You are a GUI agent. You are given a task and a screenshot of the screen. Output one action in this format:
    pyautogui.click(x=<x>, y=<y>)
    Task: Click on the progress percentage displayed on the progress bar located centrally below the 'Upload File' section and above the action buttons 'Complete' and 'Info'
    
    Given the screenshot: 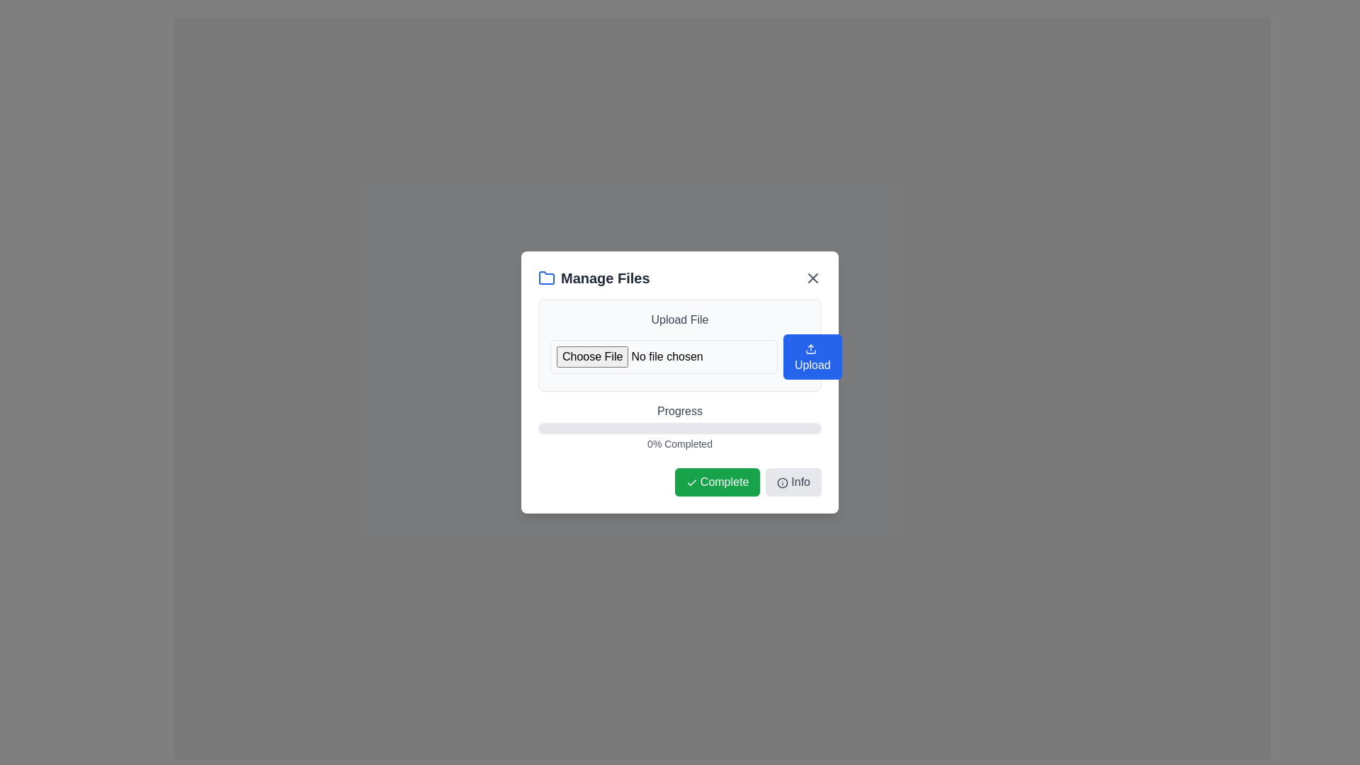 What is the action you would take?
    pyautogui.click(x=680, y=426)
    